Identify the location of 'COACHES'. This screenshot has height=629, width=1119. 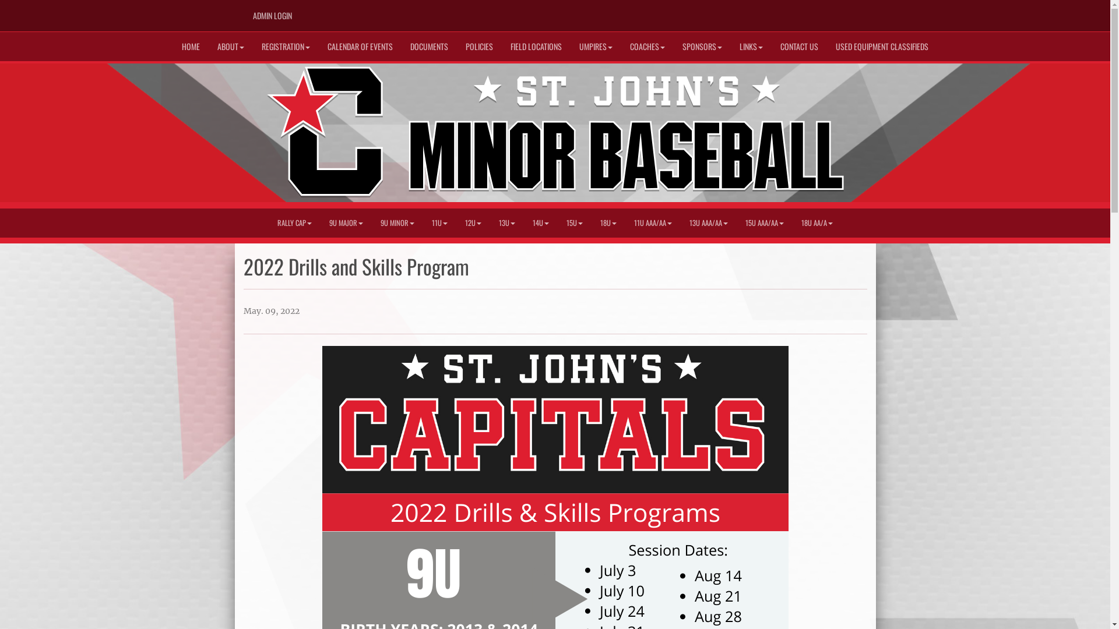
(646, 46).